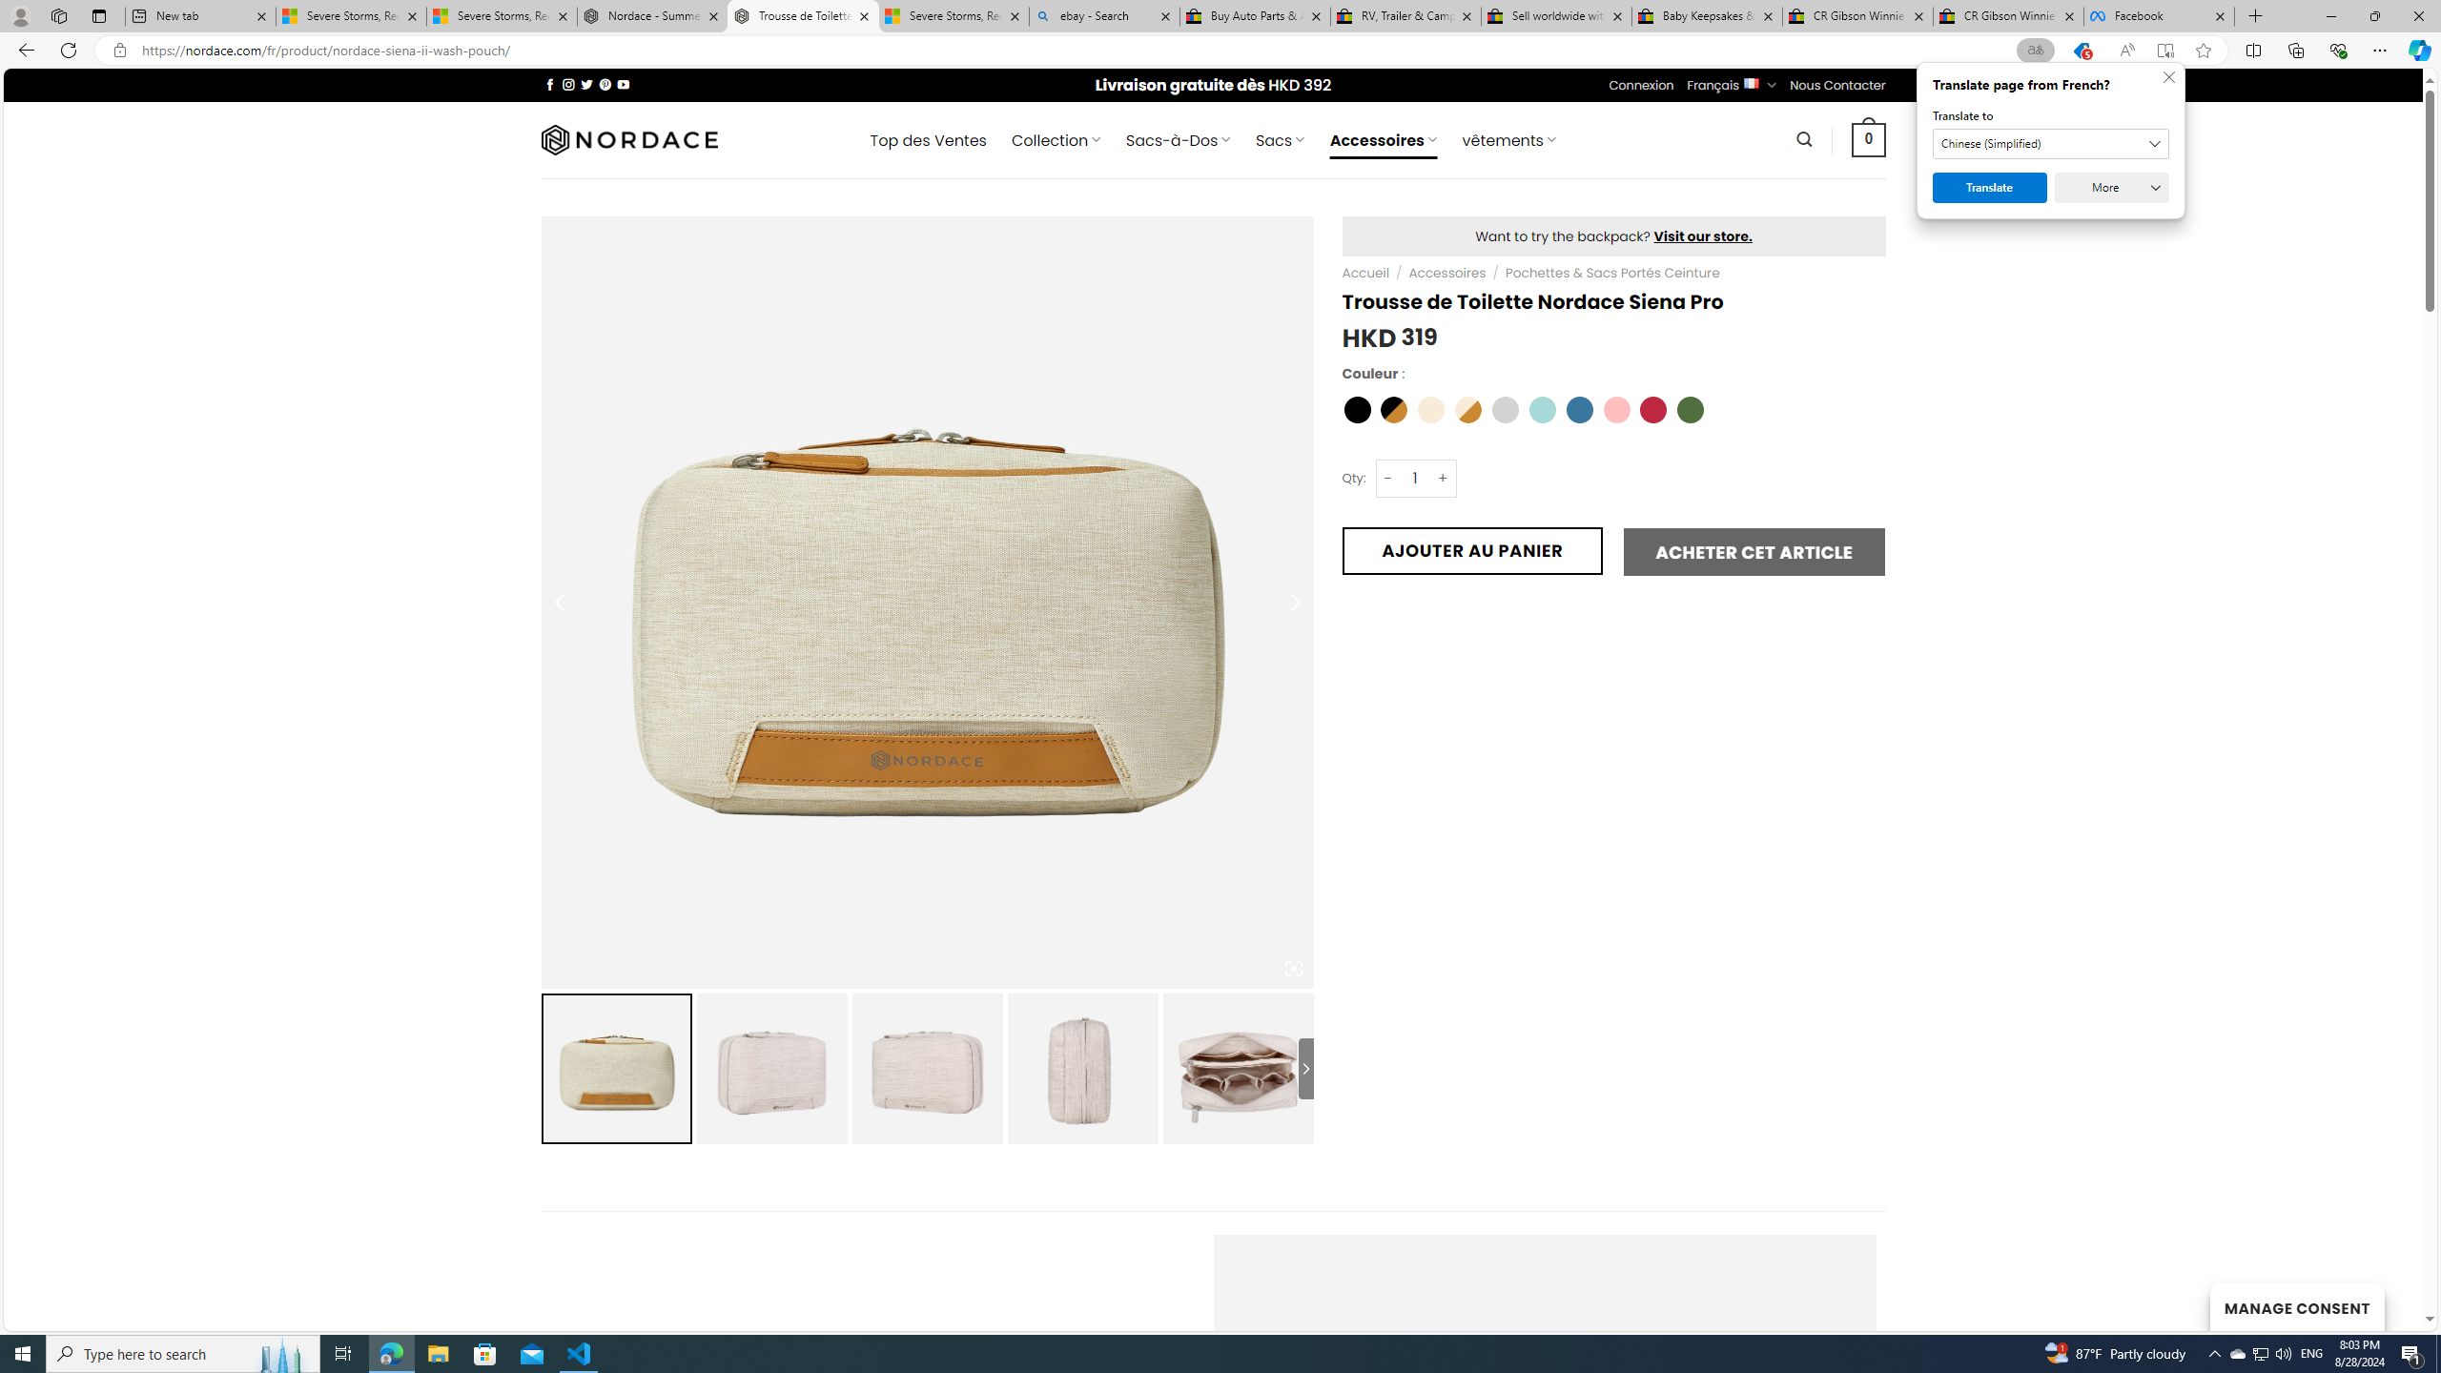 The height and width of the screenshot is (1373, 2441). I want to click on 'ACHETER CET ARTICLE', so click(1753, 551).